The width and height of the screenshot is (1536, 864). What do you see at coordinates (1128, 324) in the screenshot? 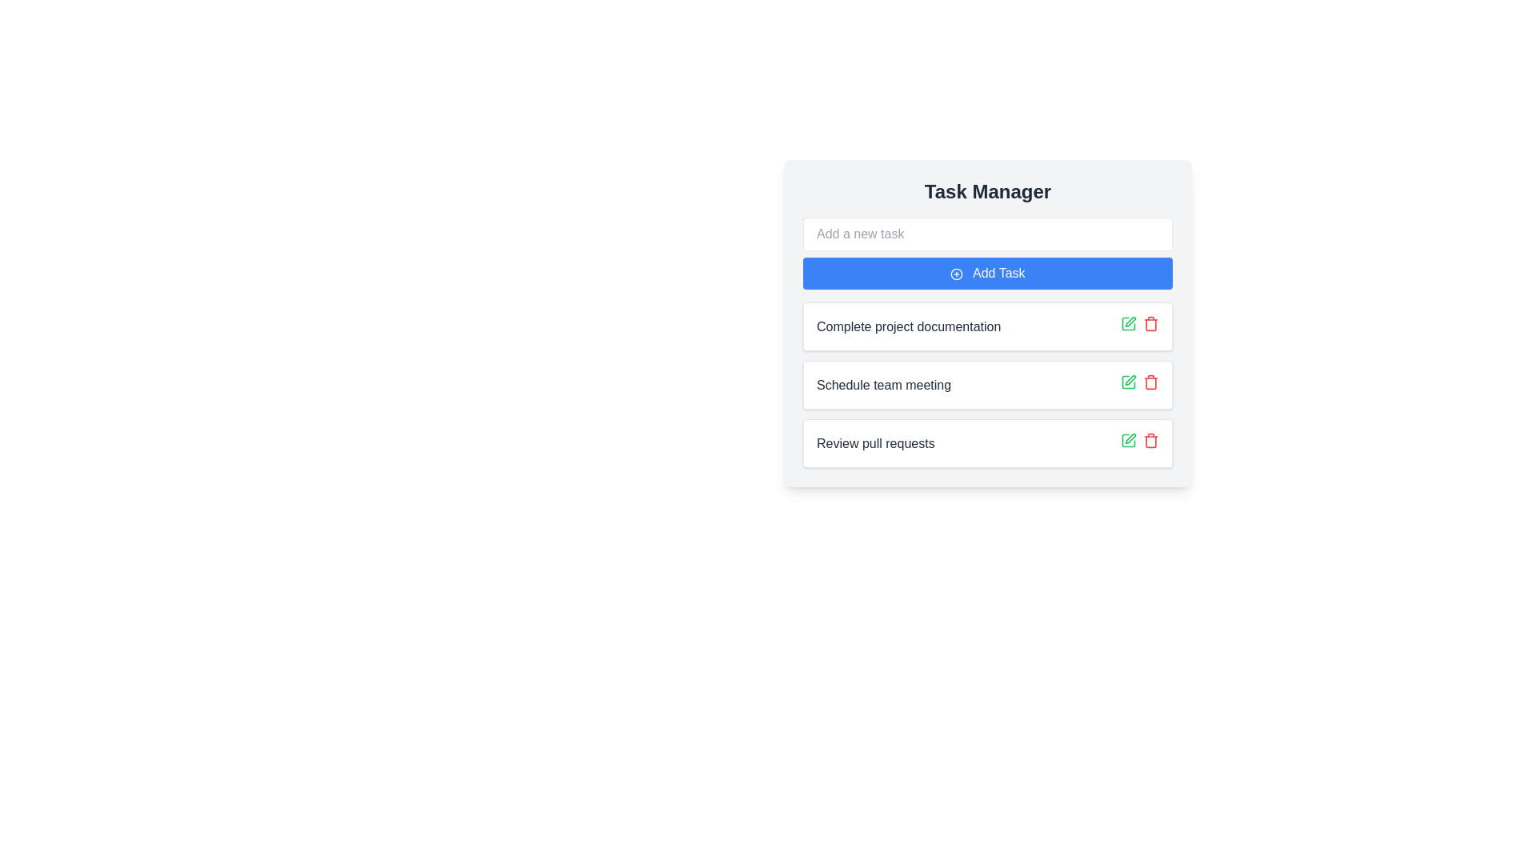
I see `the green icon button with a pen symbol` at bounding box center [1128, 324].